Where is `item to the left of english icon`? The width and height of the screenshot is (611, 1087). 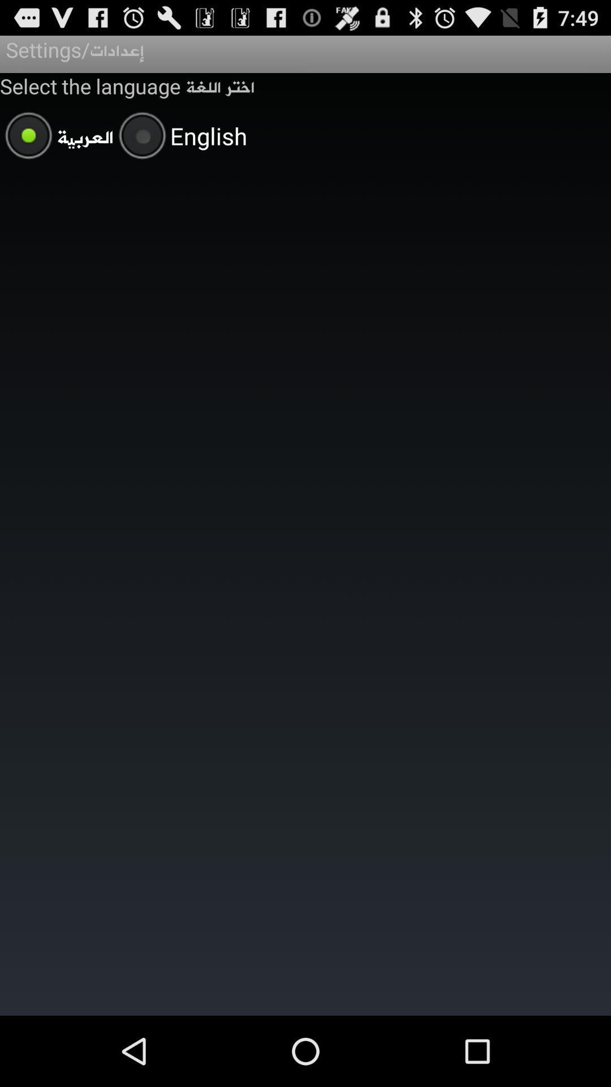
item to the left of english icon is located at coordinates (57, 137).